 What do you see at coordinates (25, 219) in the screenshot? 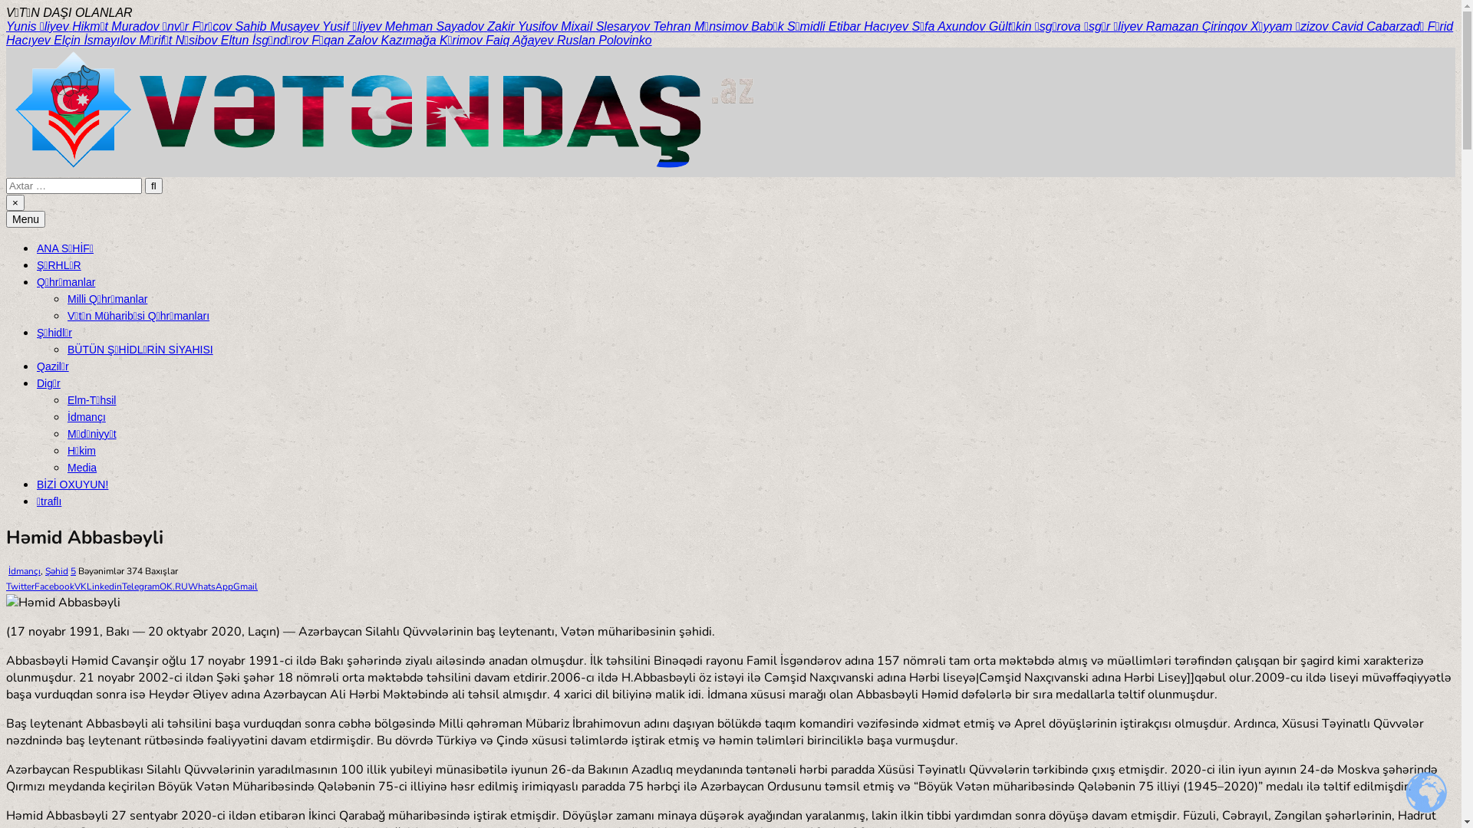
I see `'Menu'` at bounding box center [25, 219].